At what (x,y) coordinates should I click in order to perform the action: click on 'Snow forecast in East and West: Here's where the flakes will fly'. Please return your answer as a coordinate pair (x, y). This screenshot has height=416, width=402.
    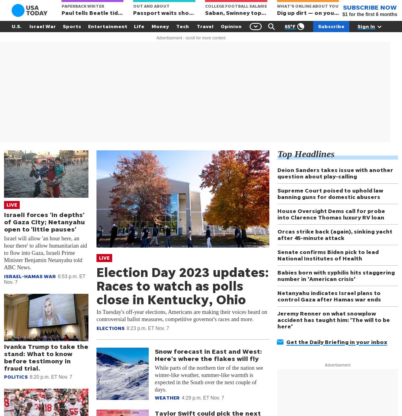
    Looking at the image, I should click on (208, 354).